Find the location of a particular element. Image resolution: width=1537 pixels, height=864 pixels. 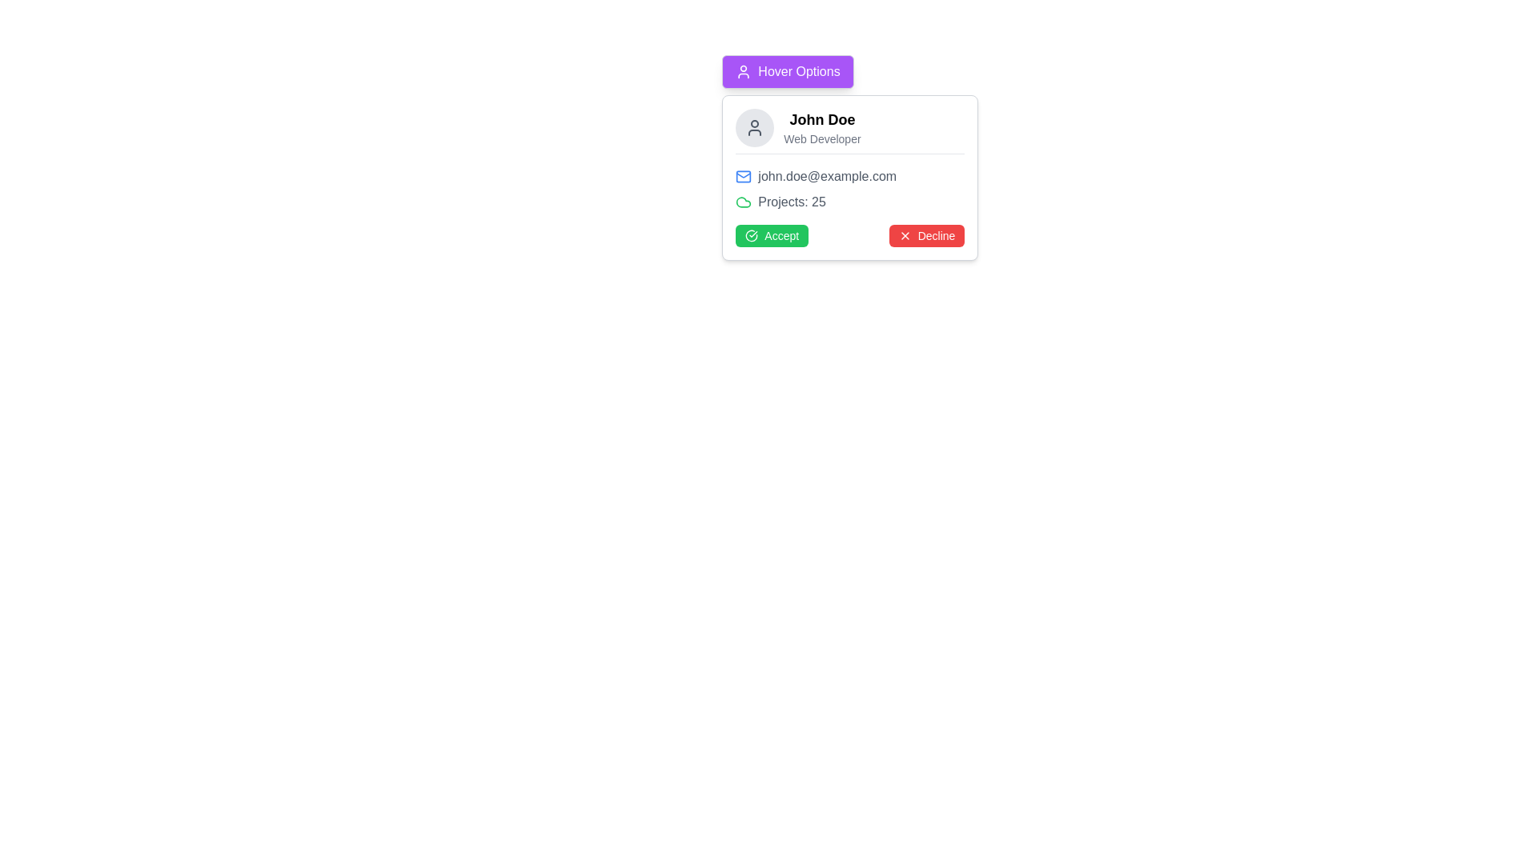

the user avatar icon depicted as a rounded profile outline with a gray color, located centrally within the user's profile card section is located at coordinates (754, 126).